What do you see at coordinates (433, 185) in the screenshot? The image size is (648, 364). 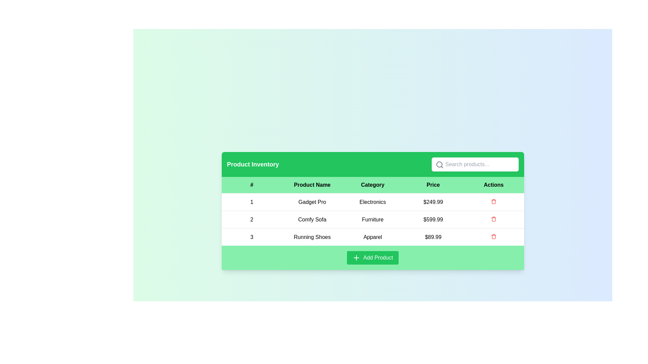 I see `text from the header label indicating product prices, which is the 4th cell from the left in the header row of the table` at bounding box center [433, 185].